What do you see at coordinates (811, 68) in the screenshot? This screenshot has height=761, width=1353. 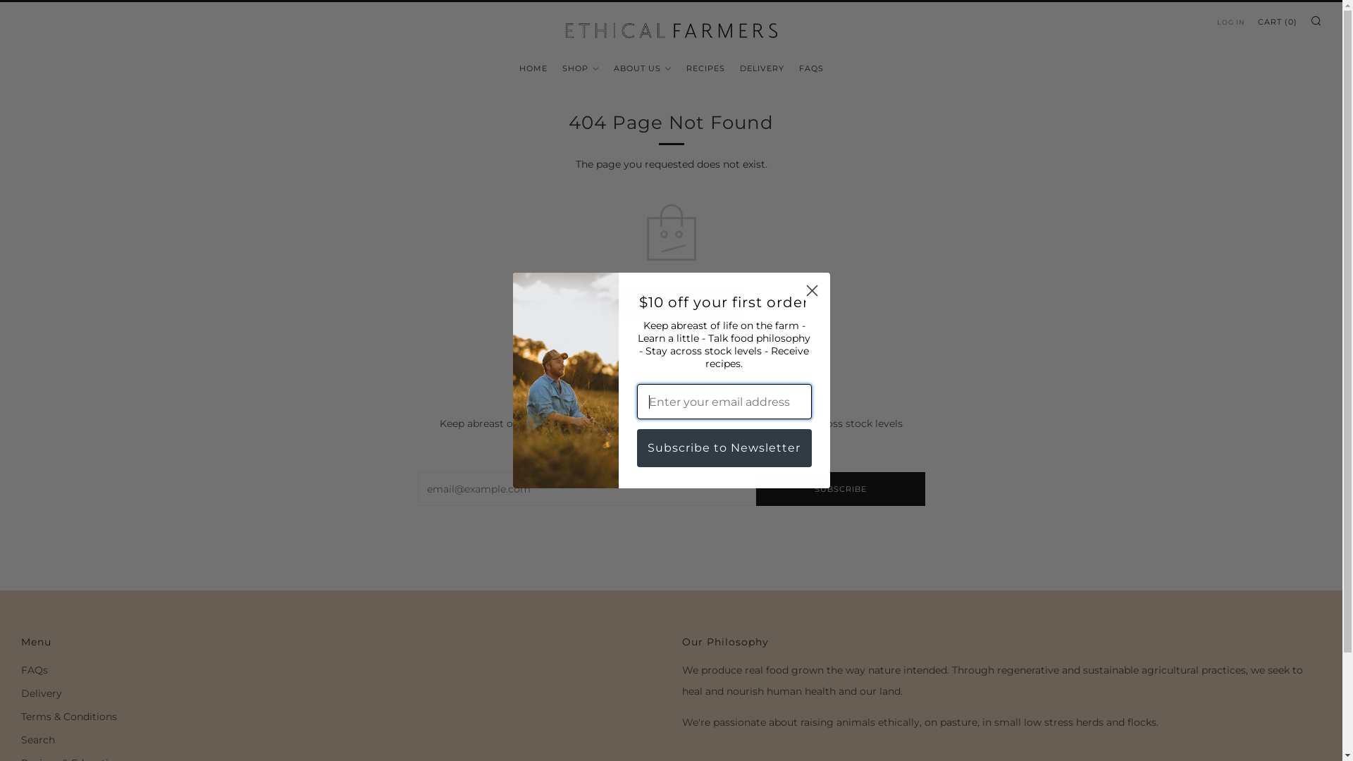 I see `'FAQS'` at bounding box center [811, 68].